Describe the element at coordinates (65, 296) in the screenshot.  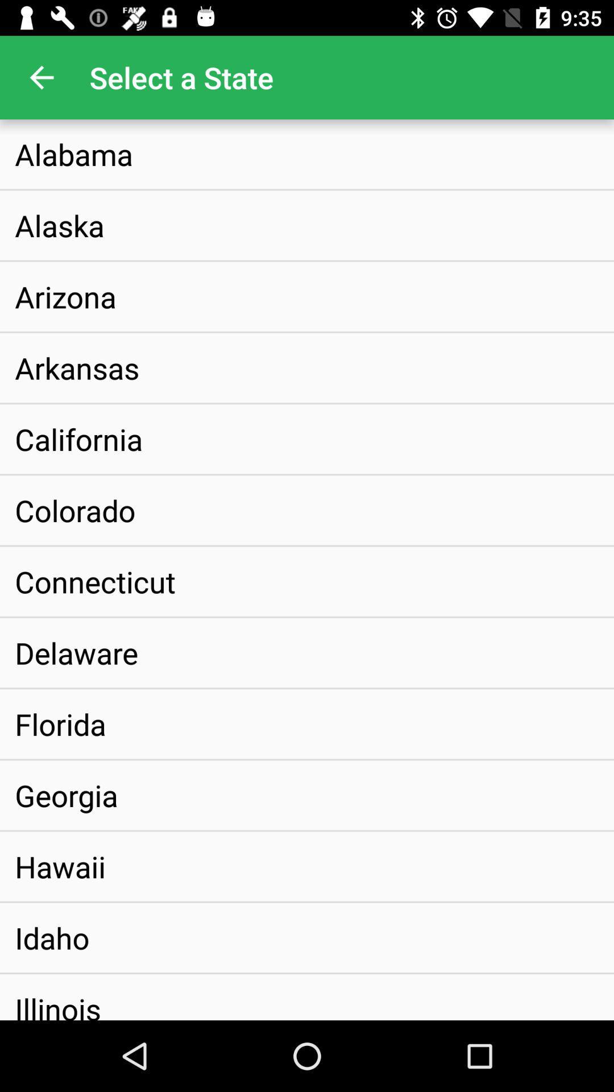
I see `the item below alaska item` at that location.